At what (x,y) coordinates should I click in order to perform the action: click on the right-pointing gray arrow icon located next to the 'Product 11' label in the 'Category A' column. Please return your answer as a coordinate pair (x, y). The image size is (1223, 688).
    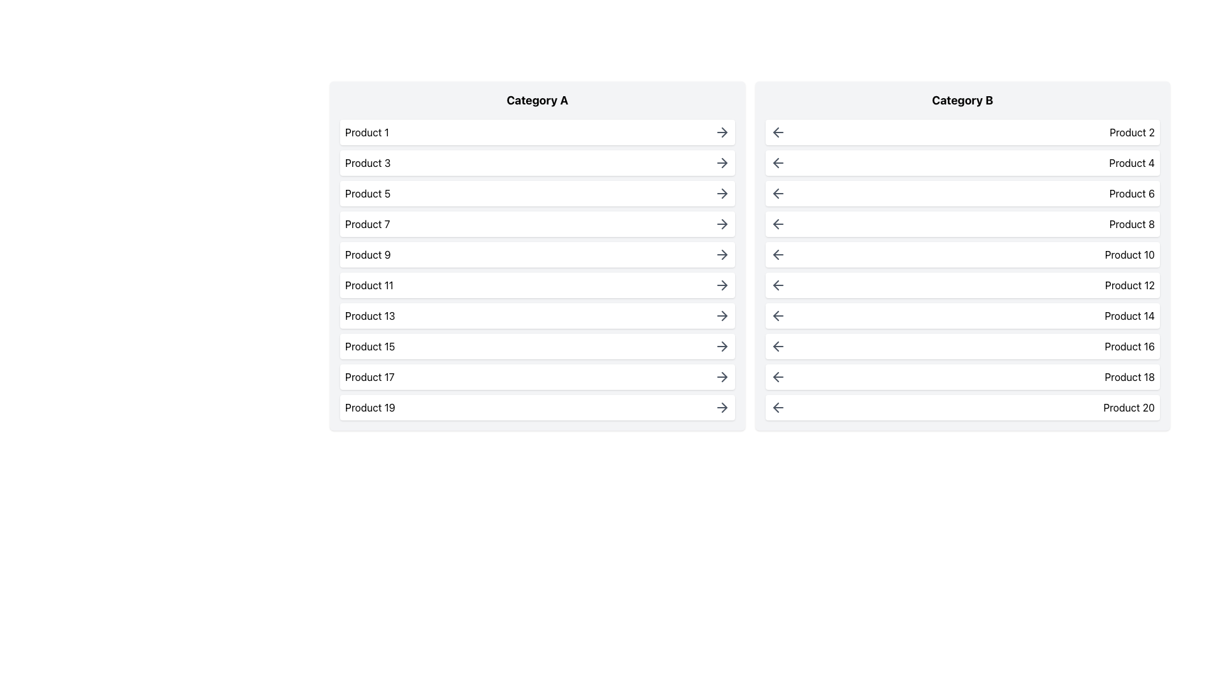
    Looking at the image, I should click on (724, 284).